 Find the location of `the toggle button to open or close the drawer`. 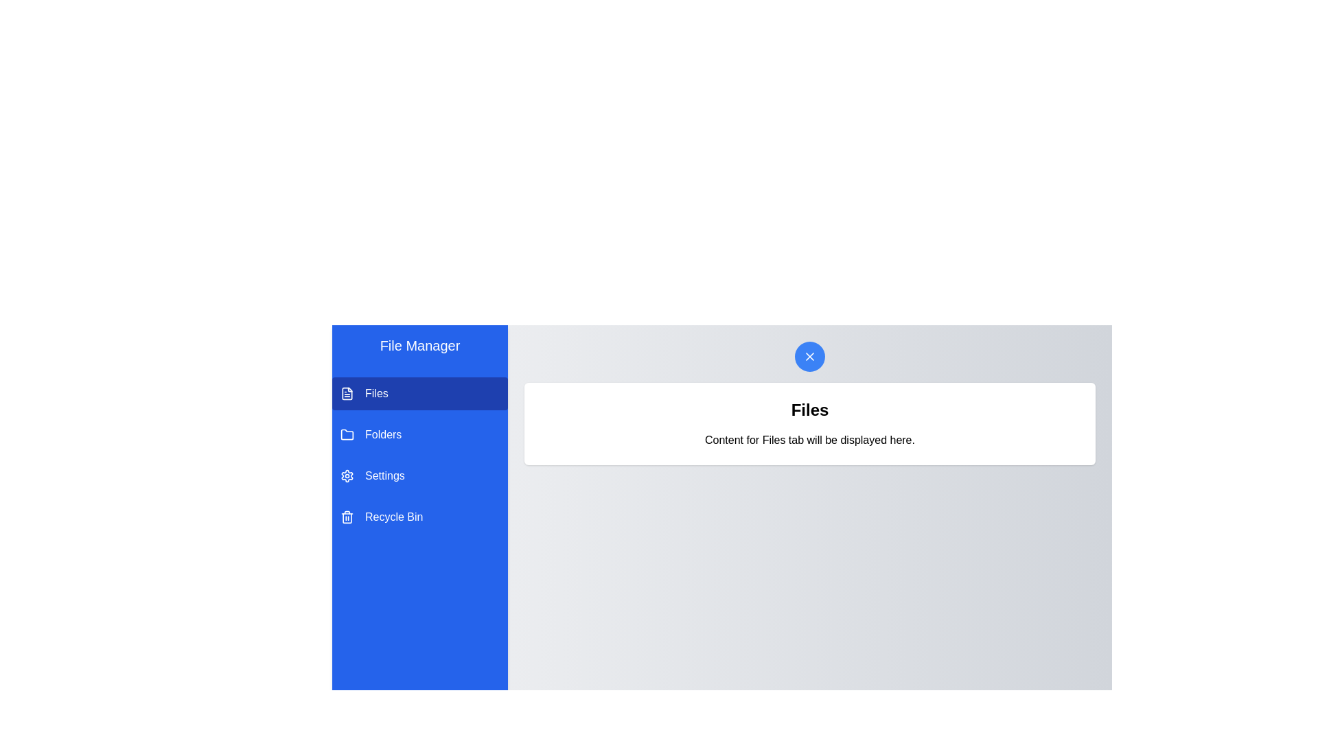

the toggle button to open or close the drawer is located at coordinates (810, 356).